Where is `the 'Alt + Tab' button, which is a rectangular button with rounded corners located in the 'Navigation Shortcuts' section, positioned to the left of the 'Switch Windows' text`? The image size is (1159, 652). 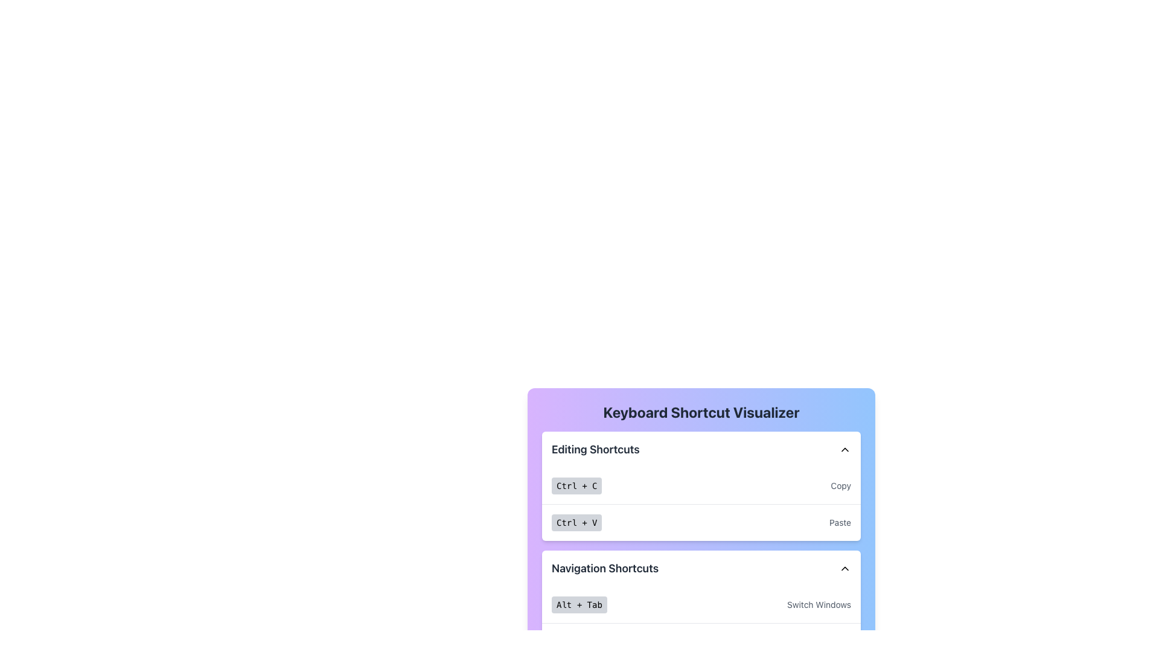
the 'Alt + Tab' button, which is a rectangular button with rounded corners located in the 'Navigation Shortcuts' section, positioned to the left of the 'Switch Windows' text is located at coordinates (579, 605).